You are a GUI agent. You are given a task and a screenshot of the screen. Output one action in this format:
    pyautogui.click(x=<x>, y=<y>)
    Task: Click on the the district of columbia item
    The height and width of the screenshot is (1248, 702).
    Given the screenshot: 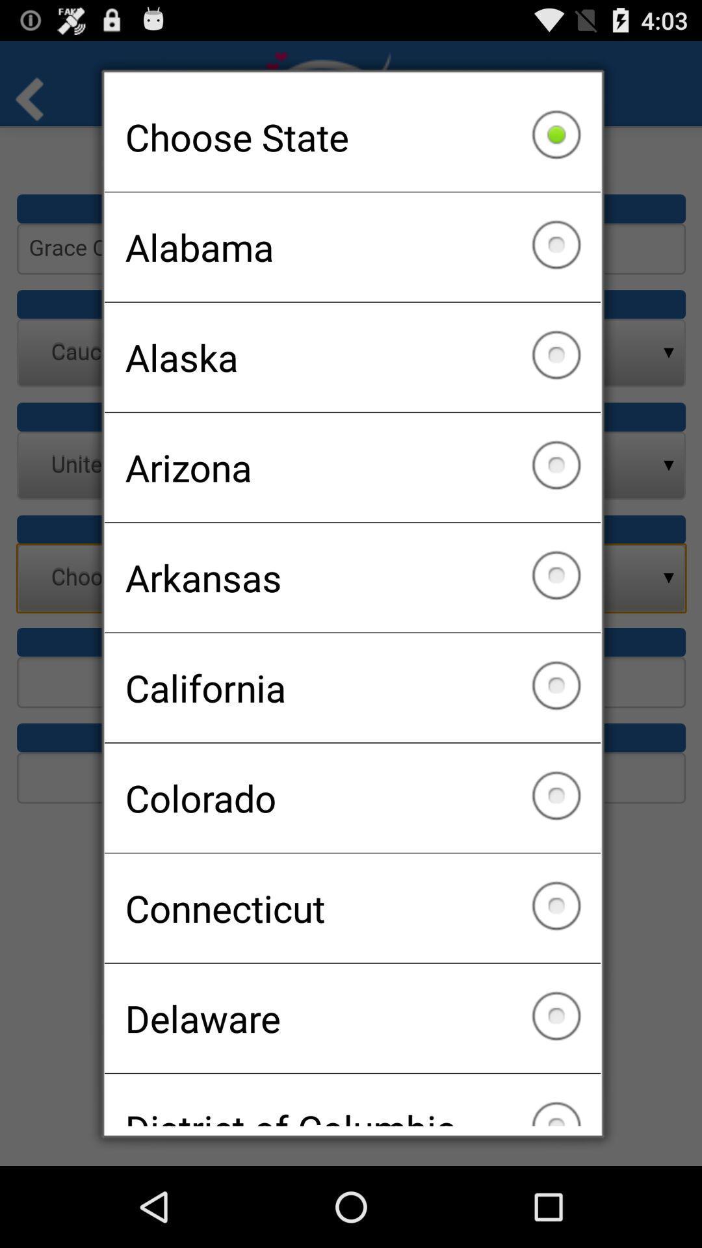 What is the action you would take?
    pyautogui.click(x=352, y=1099)
    